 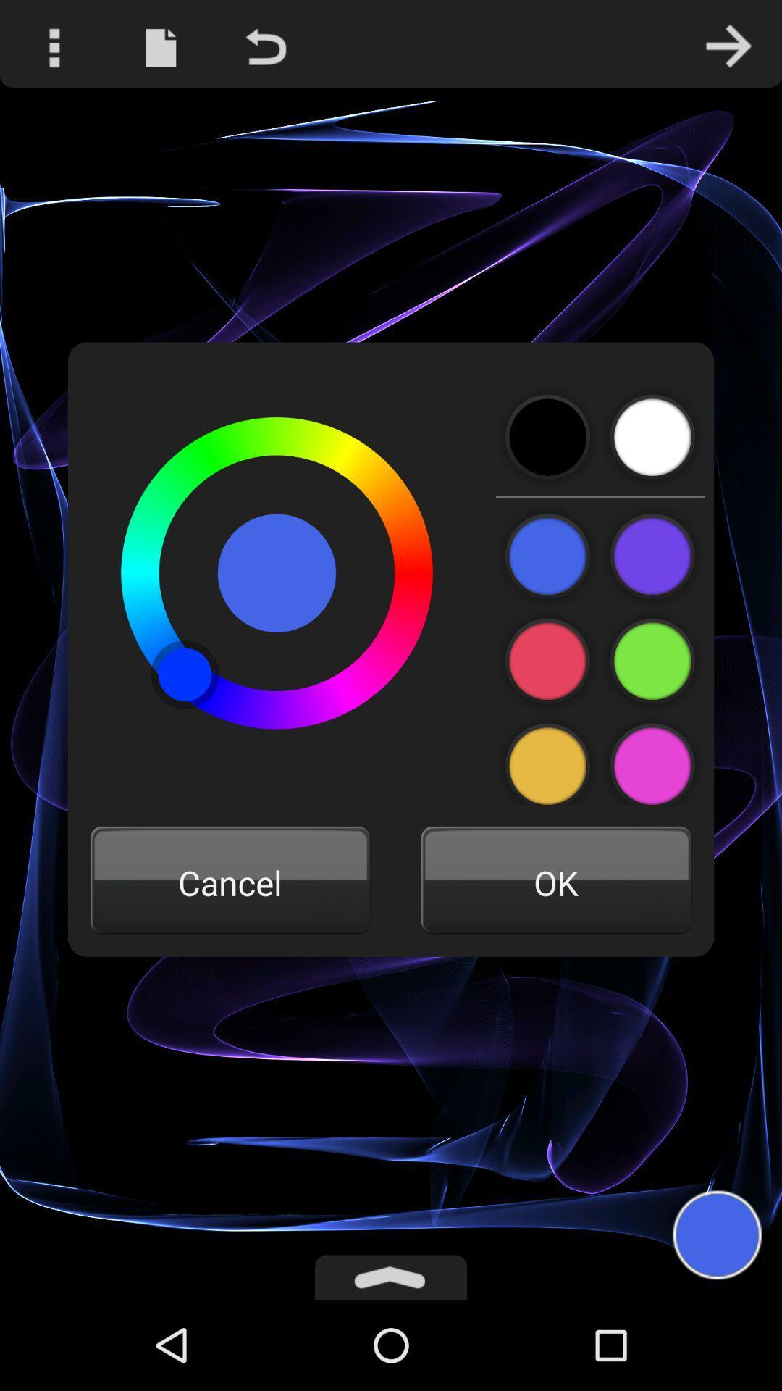 I want to click on waiter, so click(x=652, y=437).